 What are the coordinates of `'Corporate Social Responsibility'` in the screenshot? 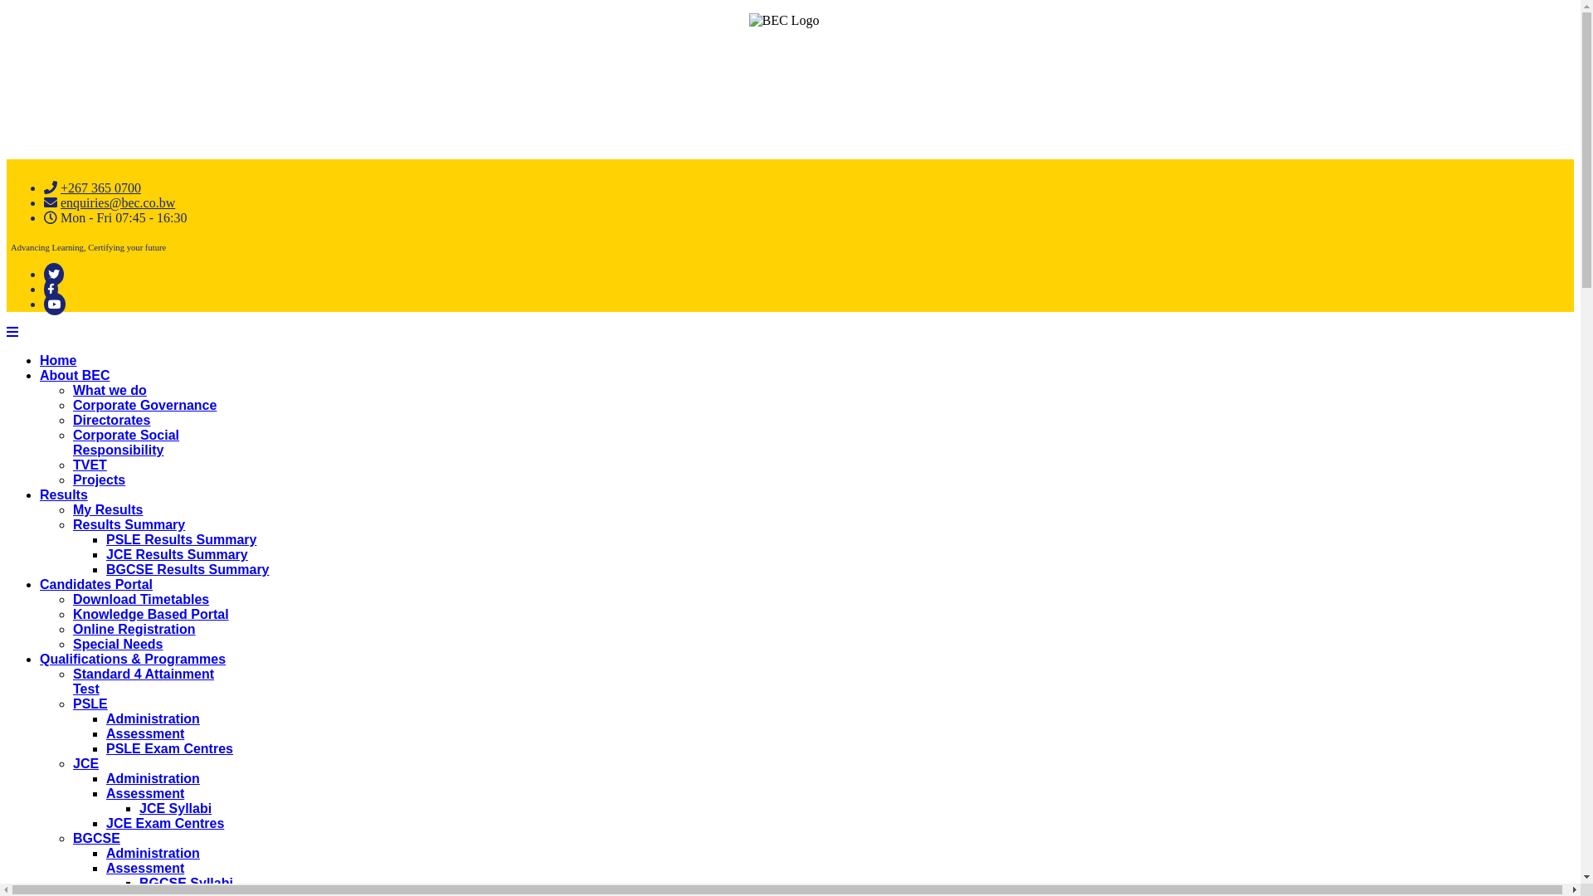 It's located at (125, 441).